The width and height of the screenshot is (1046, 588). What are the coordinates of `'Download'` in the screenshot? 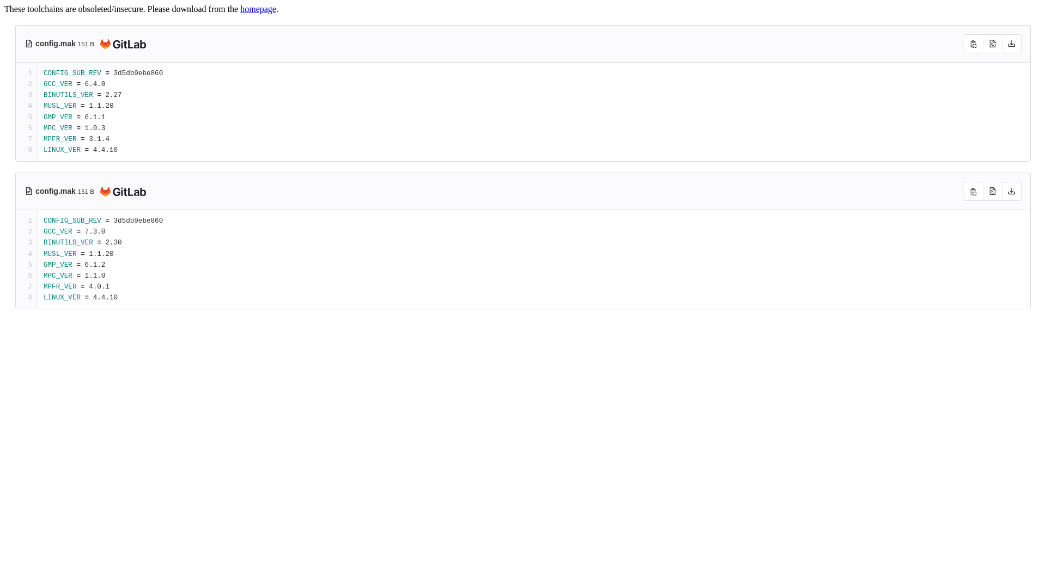 It's located at (1011, 43).